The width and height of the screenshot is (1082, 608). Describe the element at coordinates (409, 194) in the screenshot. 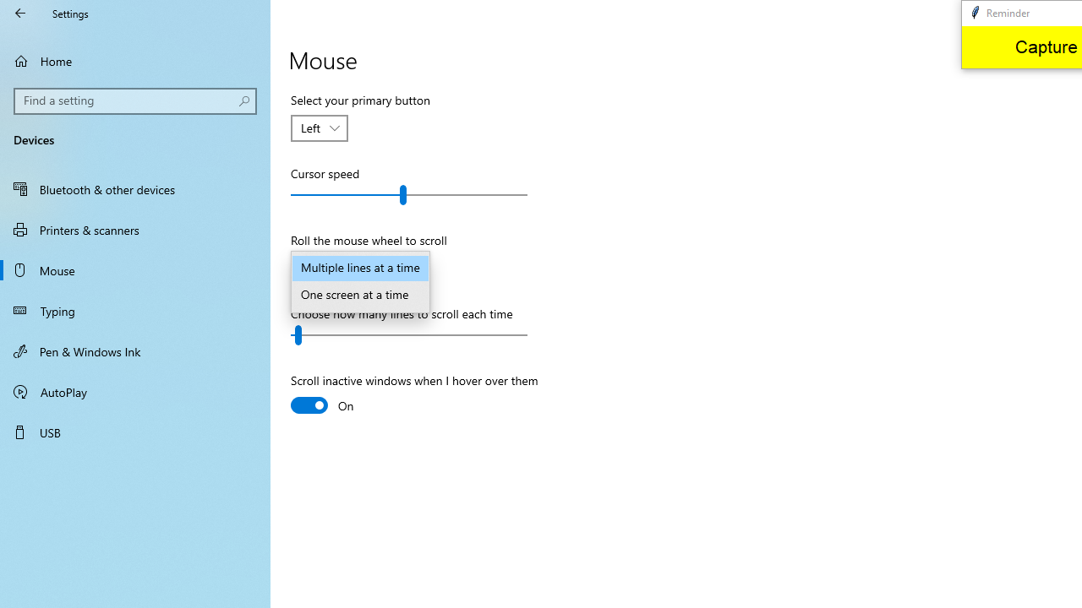

I see `'Cursor speed'` at that location.